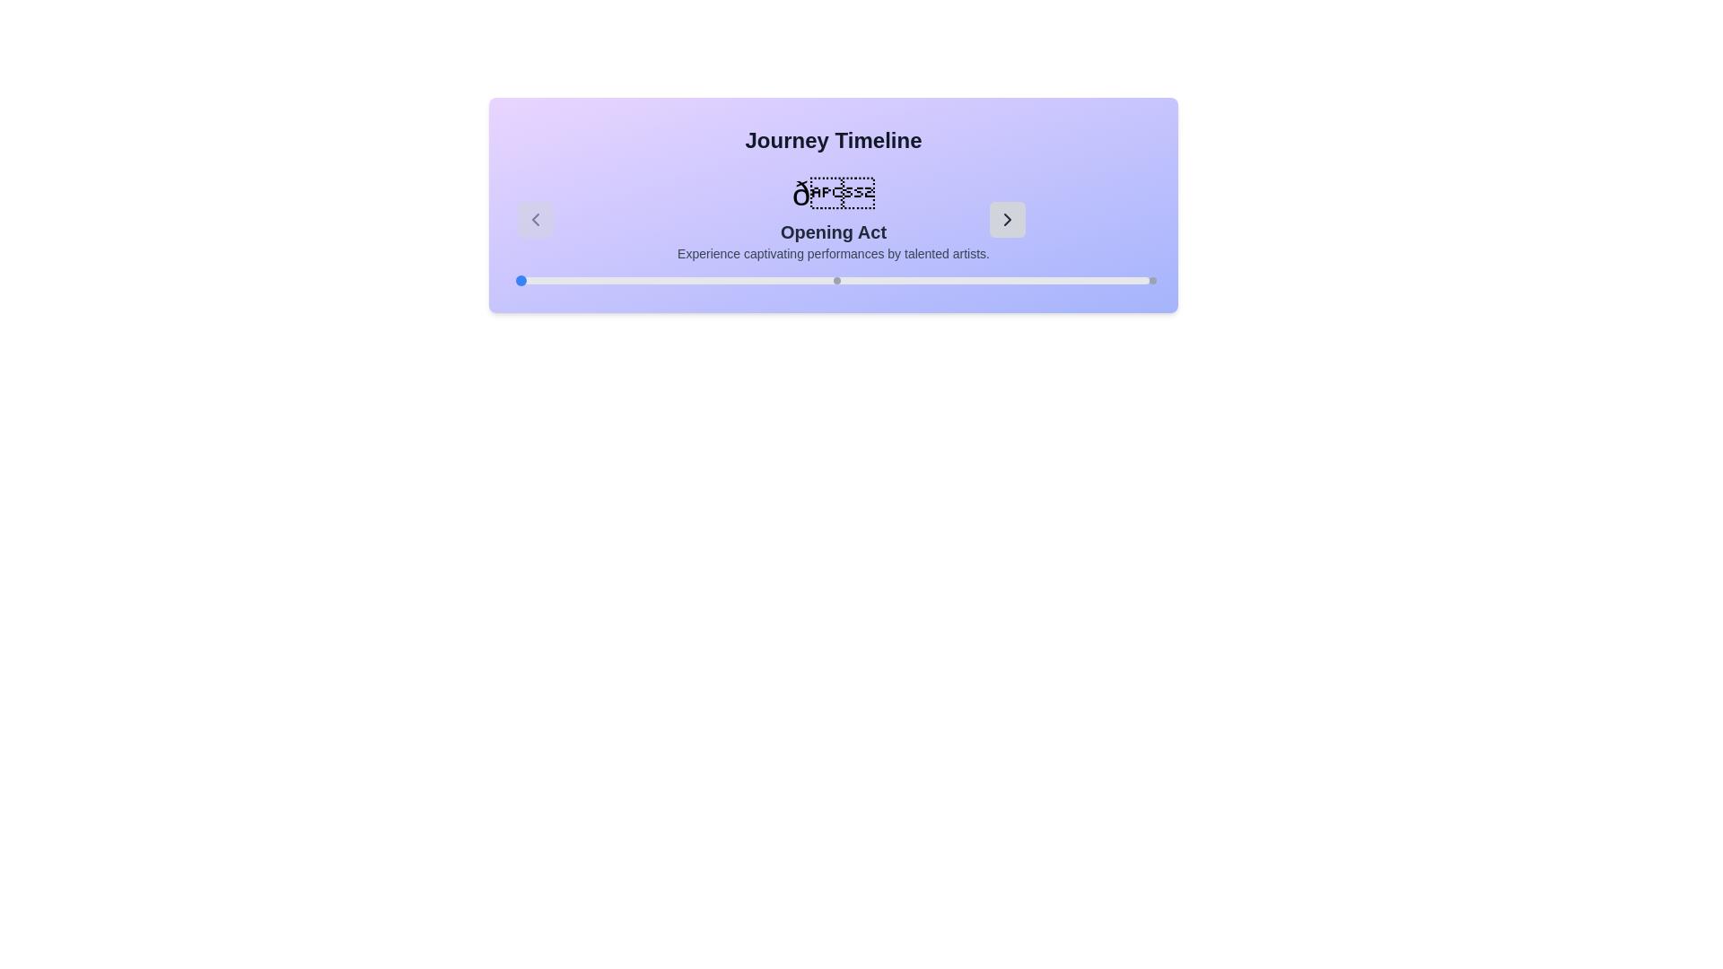  What do you see at coordinates (833, 219) in the screenshot?
I see `the 'Opening Act' text display section` at bounding box center [833, 219].